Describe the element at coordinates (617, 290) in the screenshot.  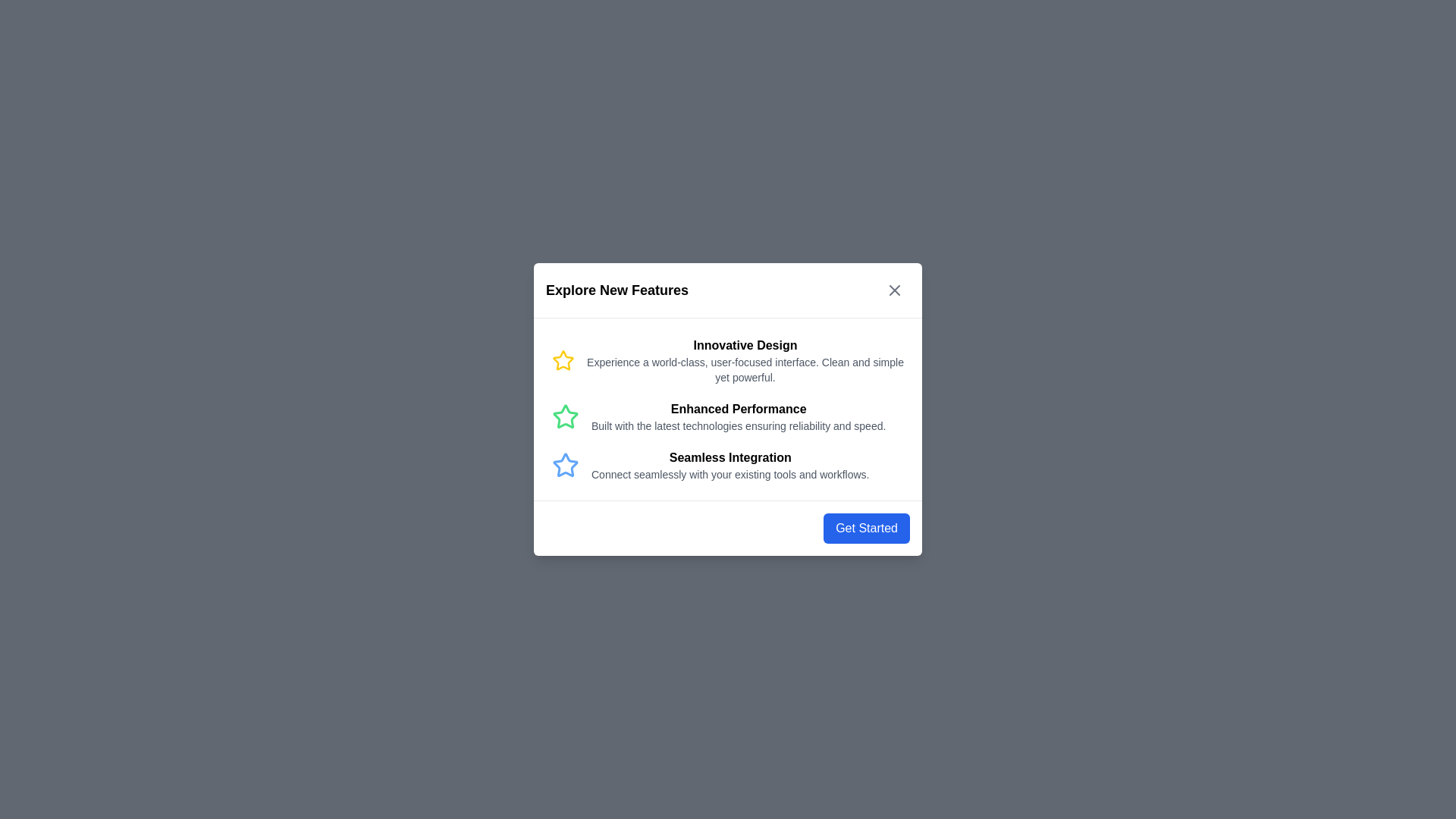
I see `the bold, large text label reading 'Explore New Features' located at the upper-left corner of the modal window` at that location.